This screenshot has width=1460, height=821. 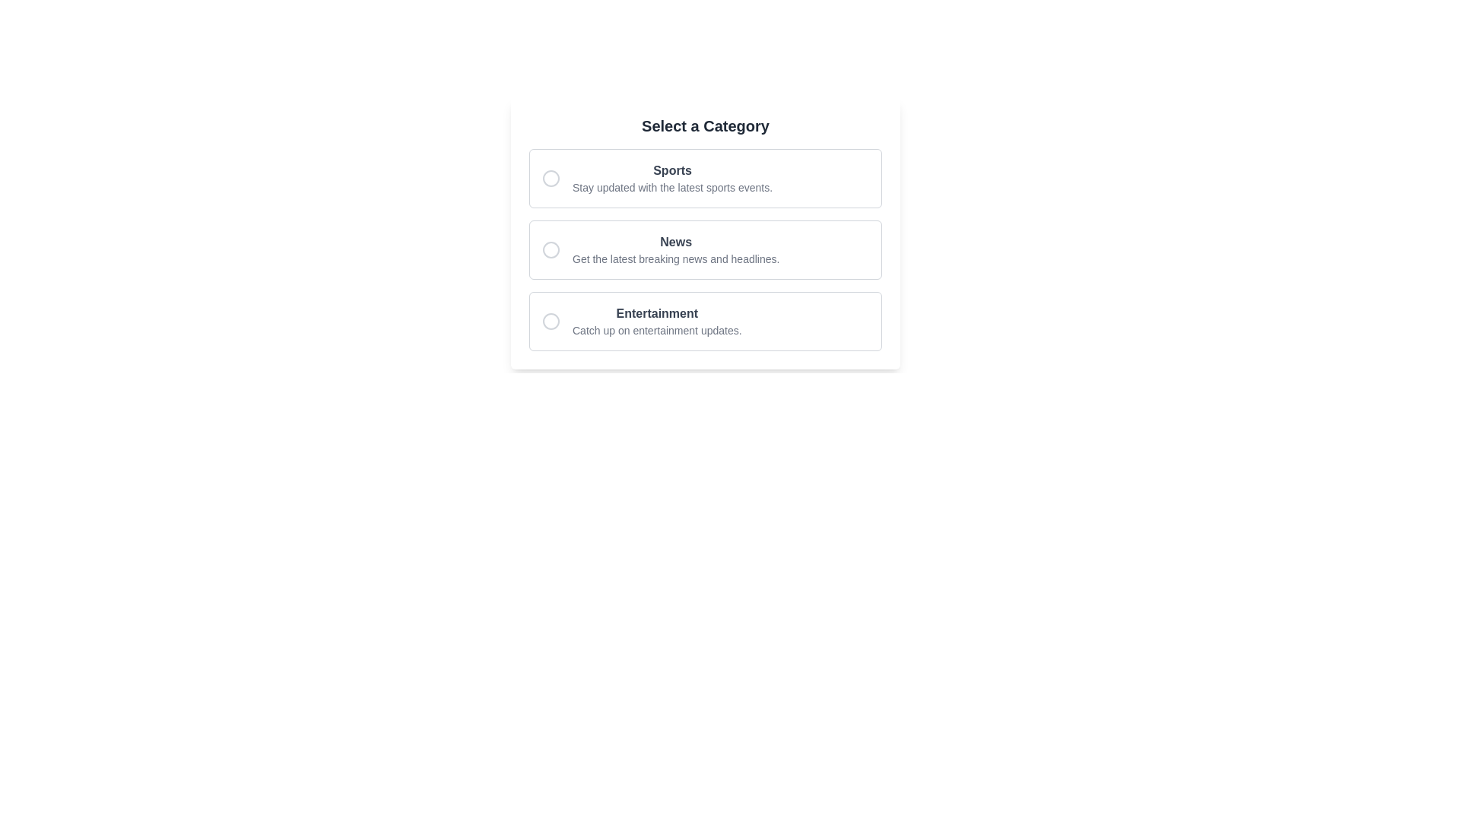 What do you see at coordinates (550, 249) in the screenshot?
I see `the unselected radio button indicator` at bounding box center [550, 249].